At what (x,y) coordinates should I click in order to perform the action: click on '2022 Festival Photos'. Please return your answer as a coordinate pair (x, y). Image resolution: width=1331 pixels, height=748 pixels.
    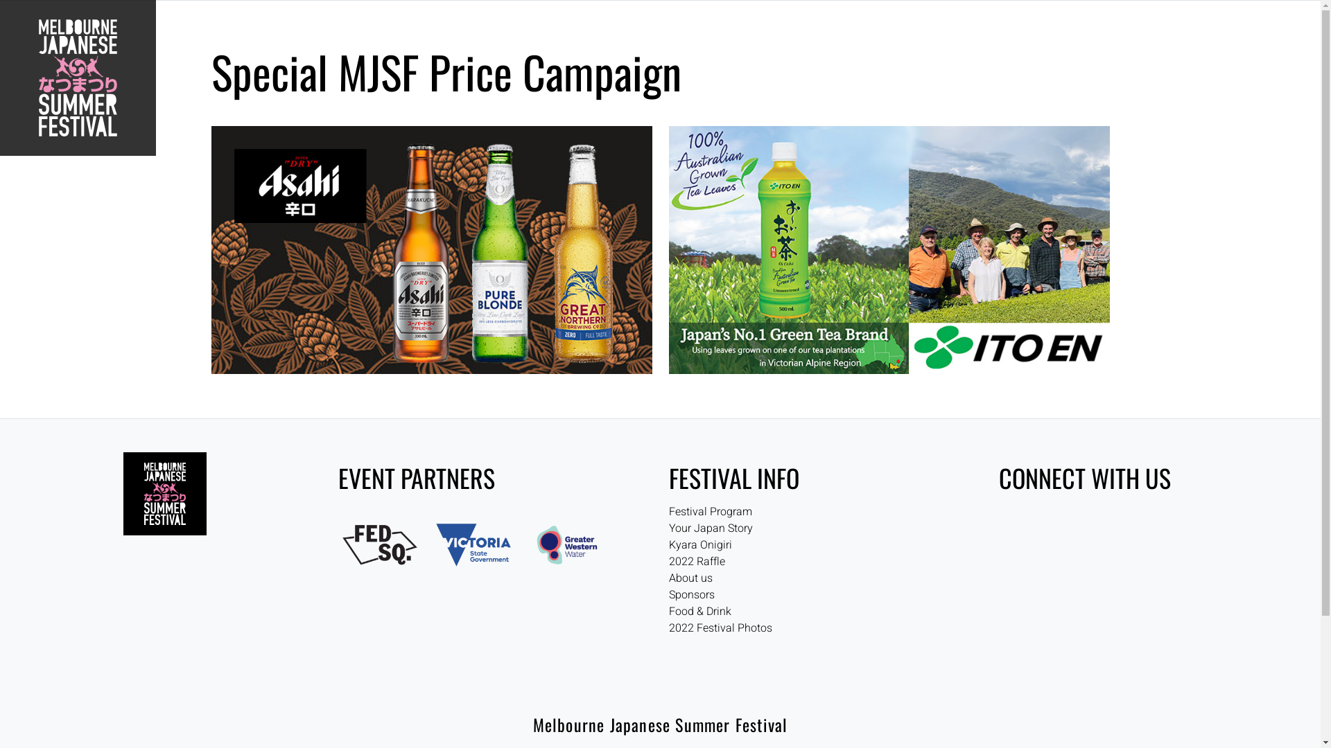
    Looking at the image, I should click on (720, 627).